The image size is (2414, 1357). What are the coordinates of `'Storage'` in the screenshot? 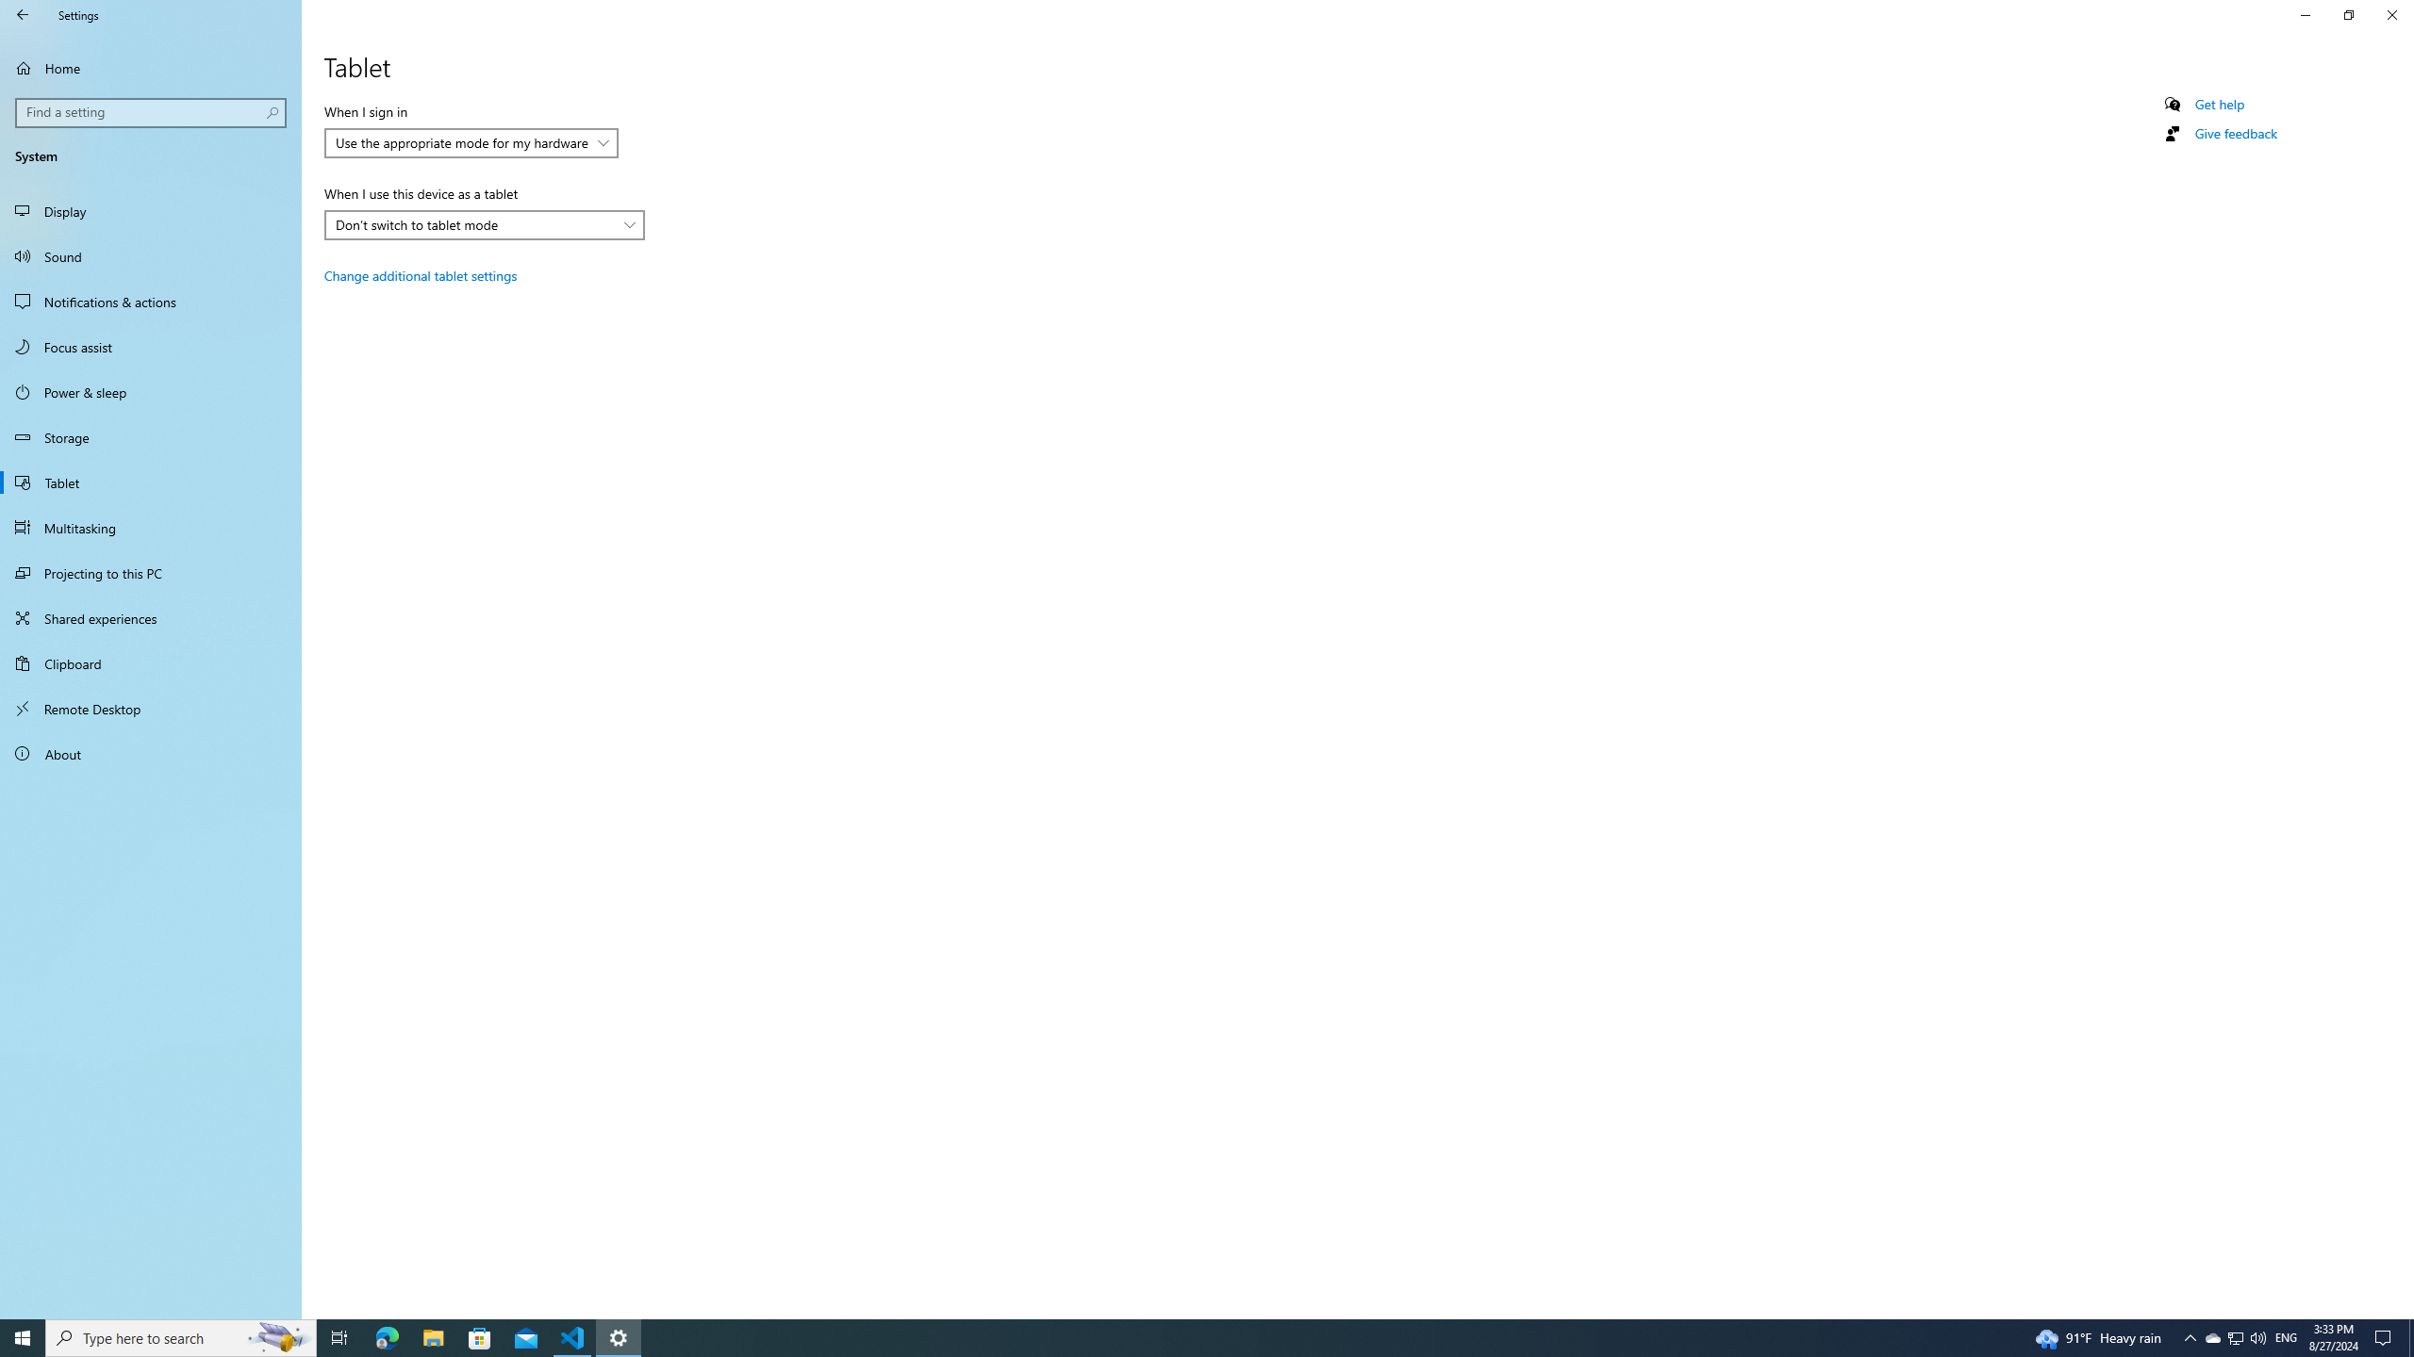 It's located at (150, 436).